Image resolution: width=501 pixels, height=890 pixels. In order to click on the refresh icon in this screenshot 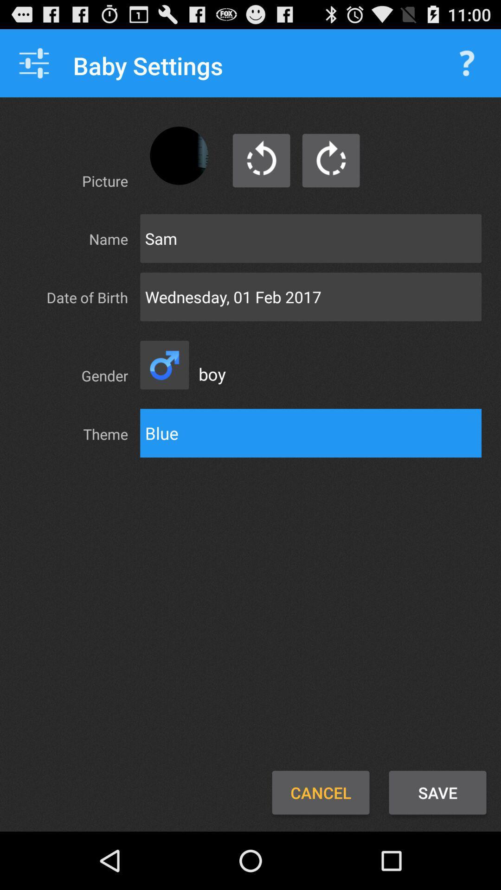, I will do `click(261, 172)`.